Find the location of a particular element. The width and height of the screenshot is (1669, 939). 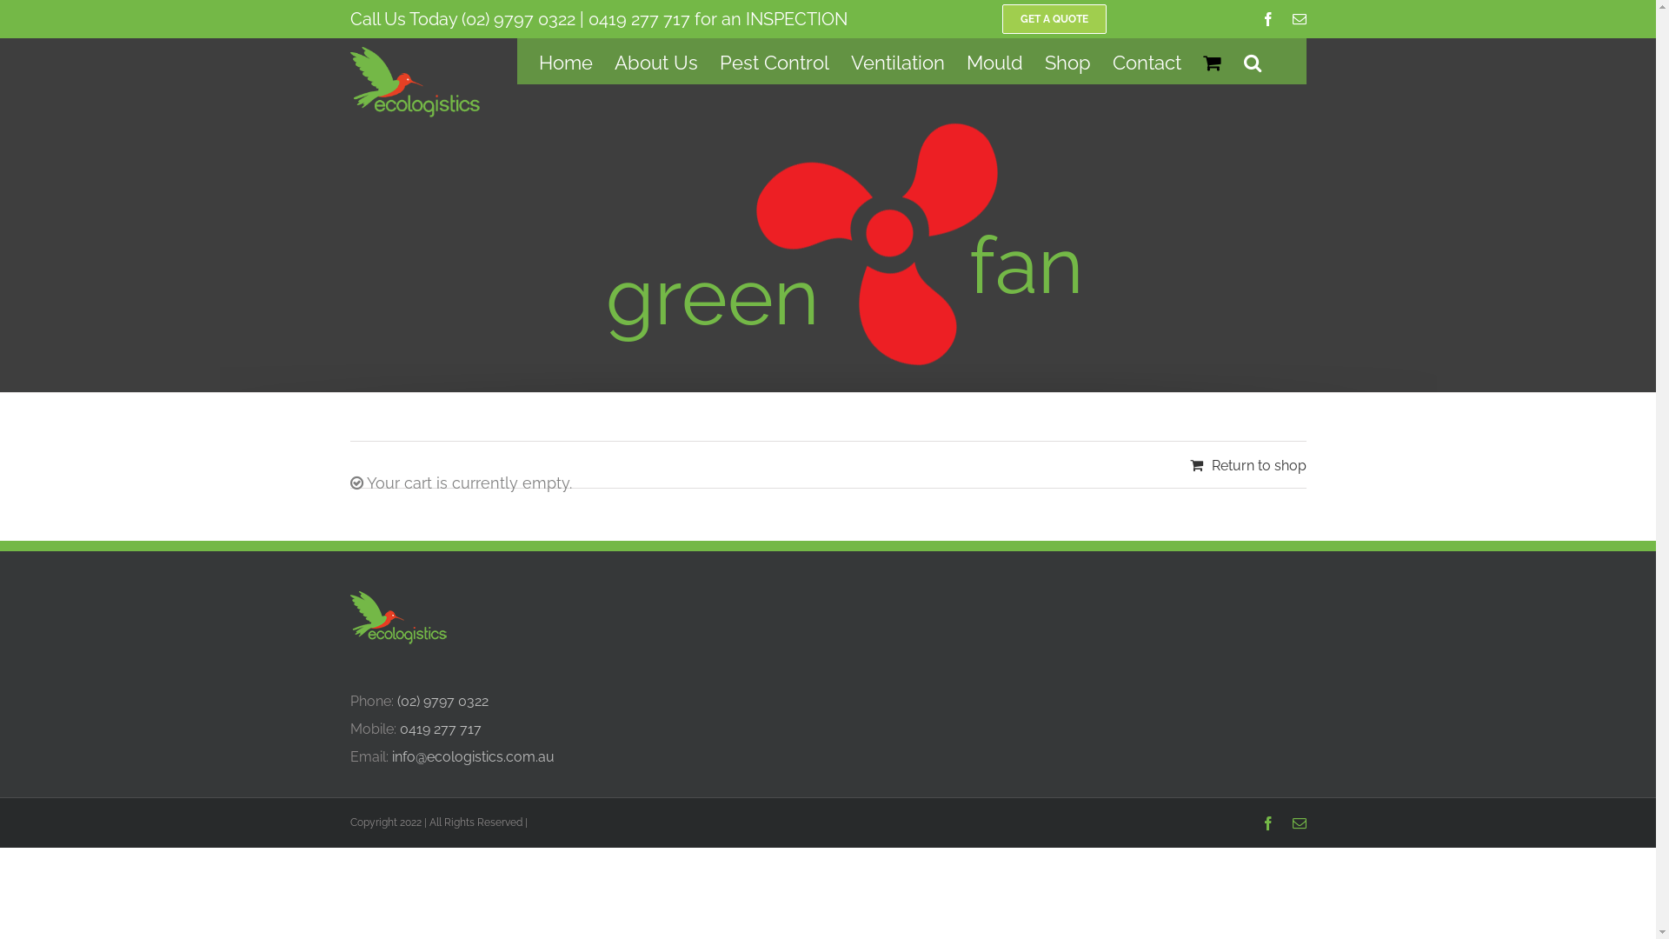

'Home' is located at coordinates (566, 60).